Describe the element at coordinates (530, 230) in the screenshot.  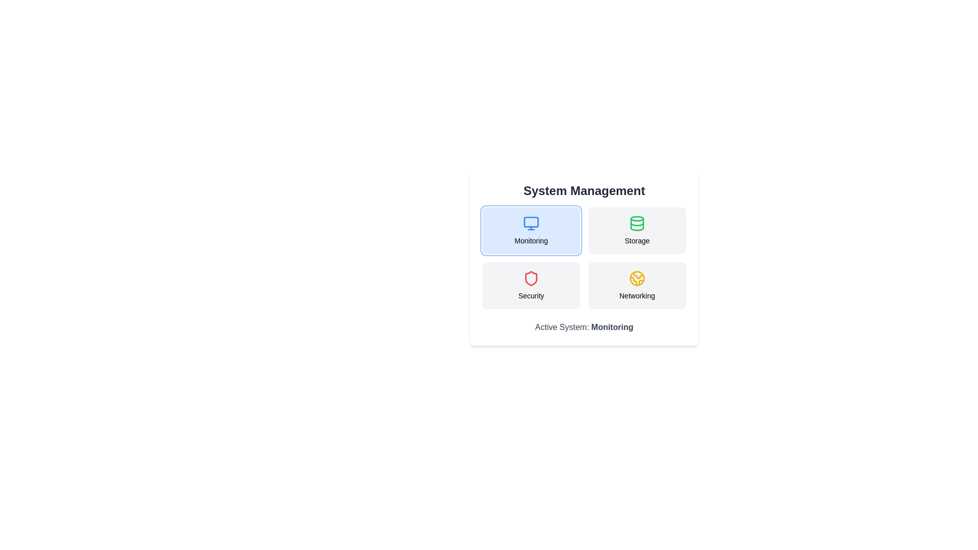
I see `the button corresponding to the system category Monitoring` at that location.